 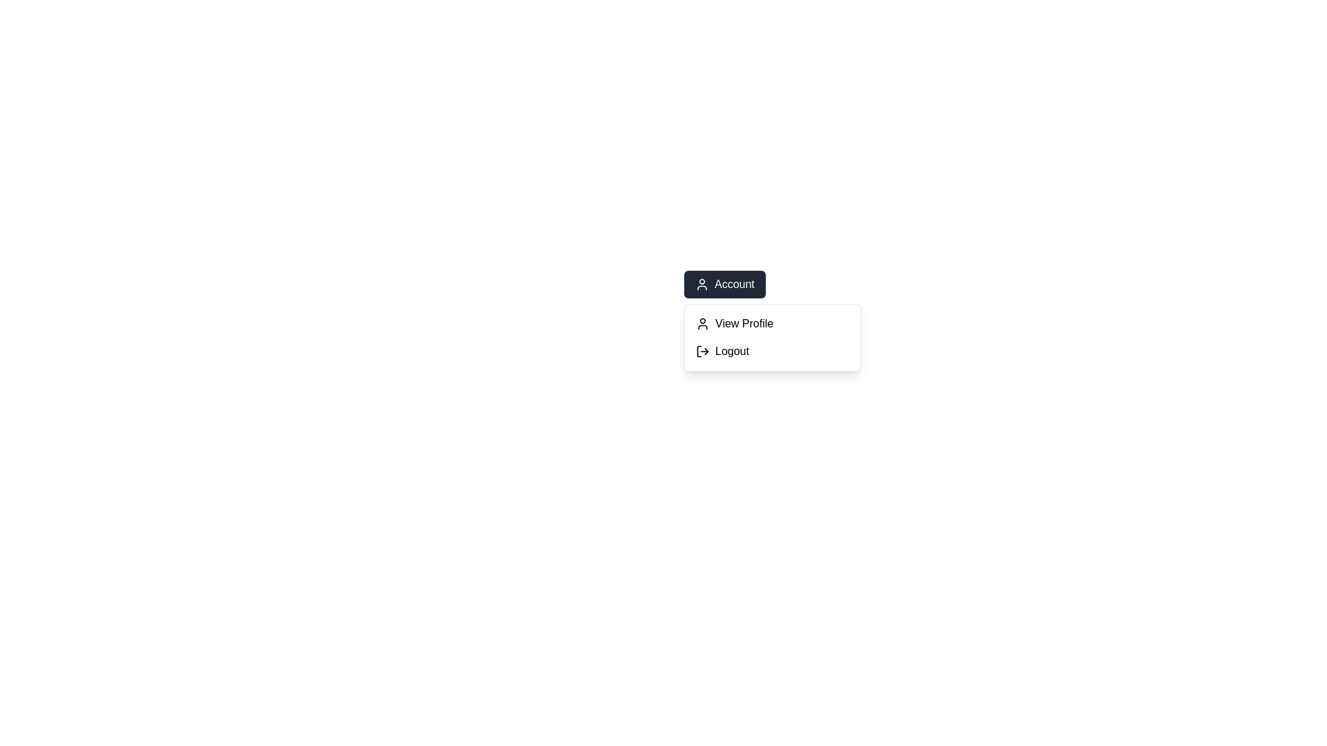 I want to click on the 'Account' button located at the top of the dropdown menu, which has a dark gray background and a user icon to the left of the text, so click(x=724, y=284).